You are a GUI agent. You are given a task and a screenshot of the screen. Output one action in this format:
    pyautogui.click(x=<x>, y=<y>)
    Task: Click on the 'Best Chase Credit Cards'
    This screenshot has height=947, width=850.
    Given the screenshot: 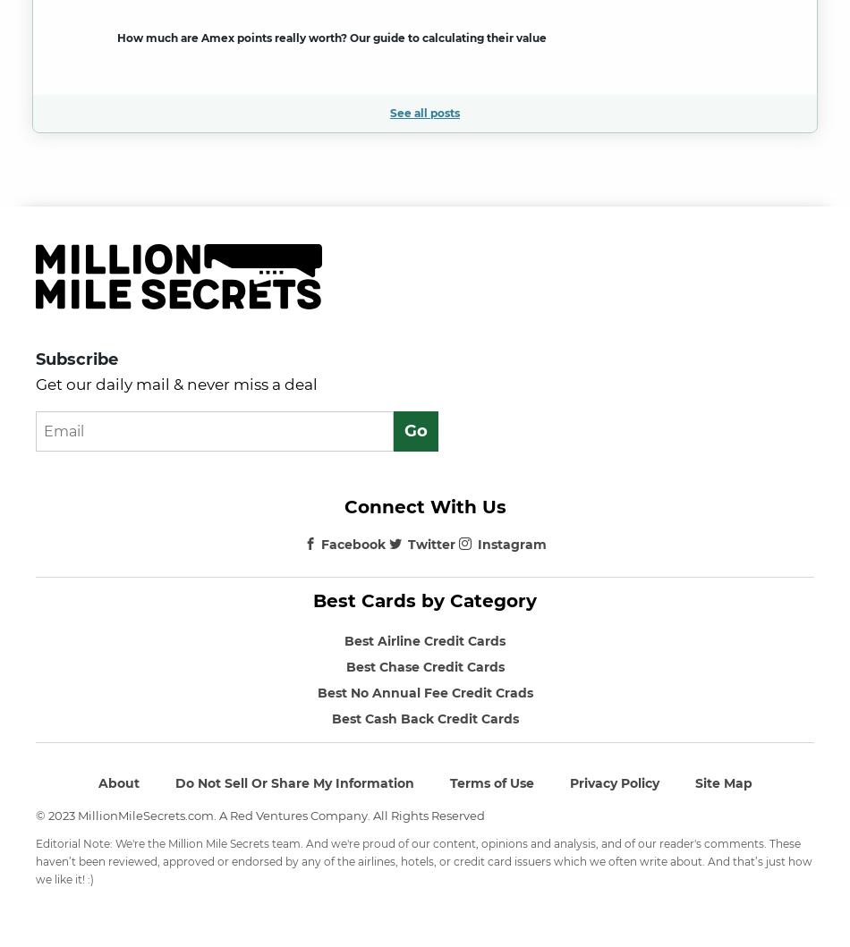 What is the action you would take?
    pyautogui.click(x=423, y=665)
    